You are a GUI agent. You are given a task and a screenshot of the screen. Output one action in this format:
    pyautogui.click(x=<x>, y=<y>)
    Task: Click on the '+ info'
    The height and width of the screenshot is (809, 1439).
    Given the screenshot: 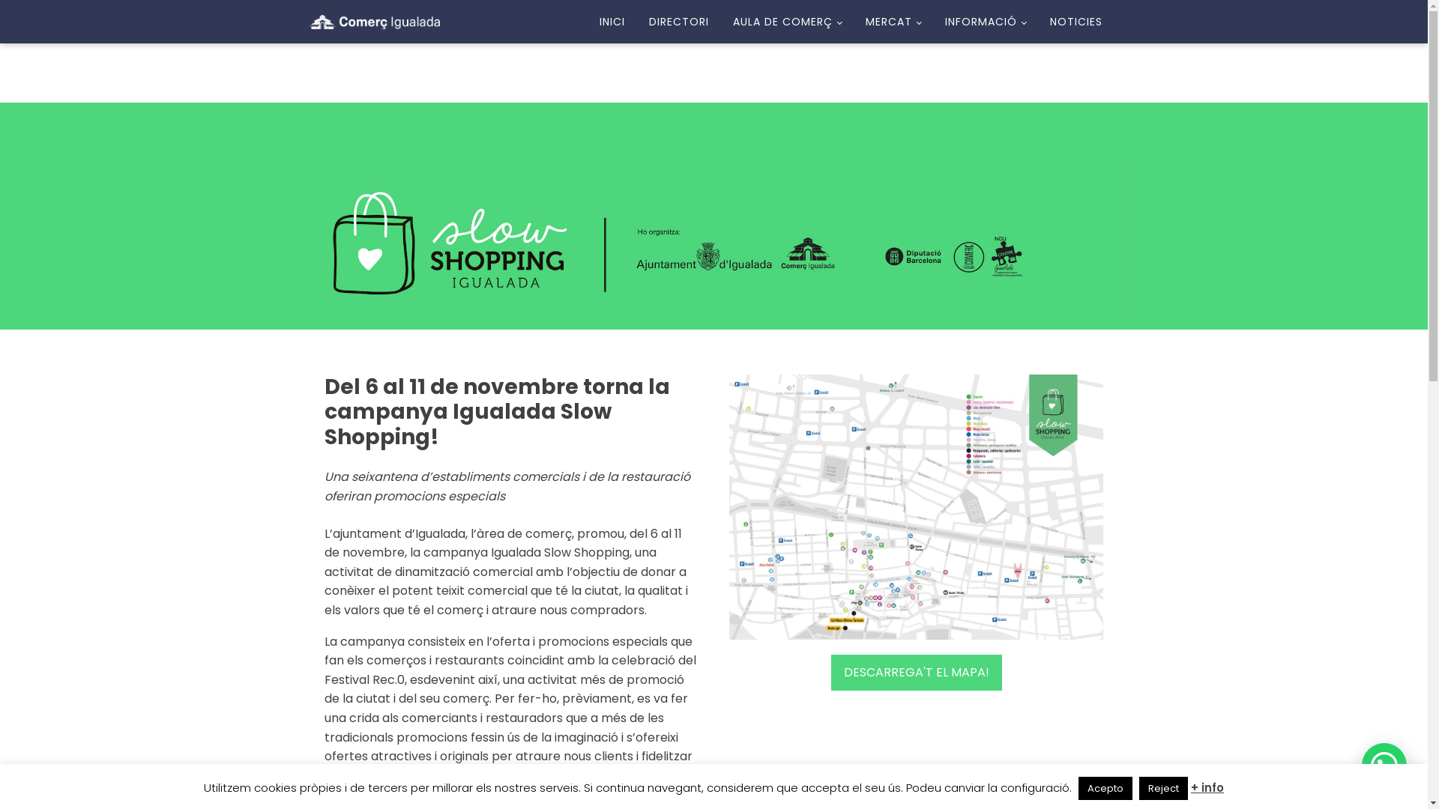 What is the action you would take?
    pyautogui.click(x=1207, y=787)
    